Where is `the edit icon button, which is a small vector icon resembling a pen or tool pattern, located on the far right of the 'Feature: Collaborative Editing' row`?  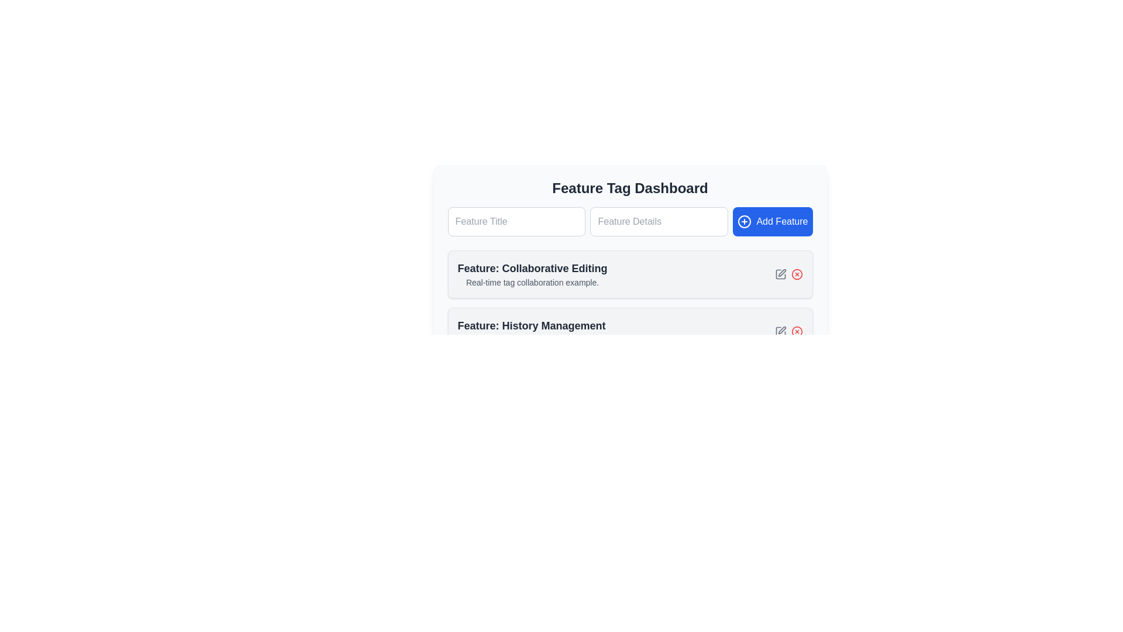
the edit icon button, which is a small vector icon resembling a pen or tool pattern, located on the far right of the 'Feature: Collaborative Editing' row is located at coordinates (782, 273).